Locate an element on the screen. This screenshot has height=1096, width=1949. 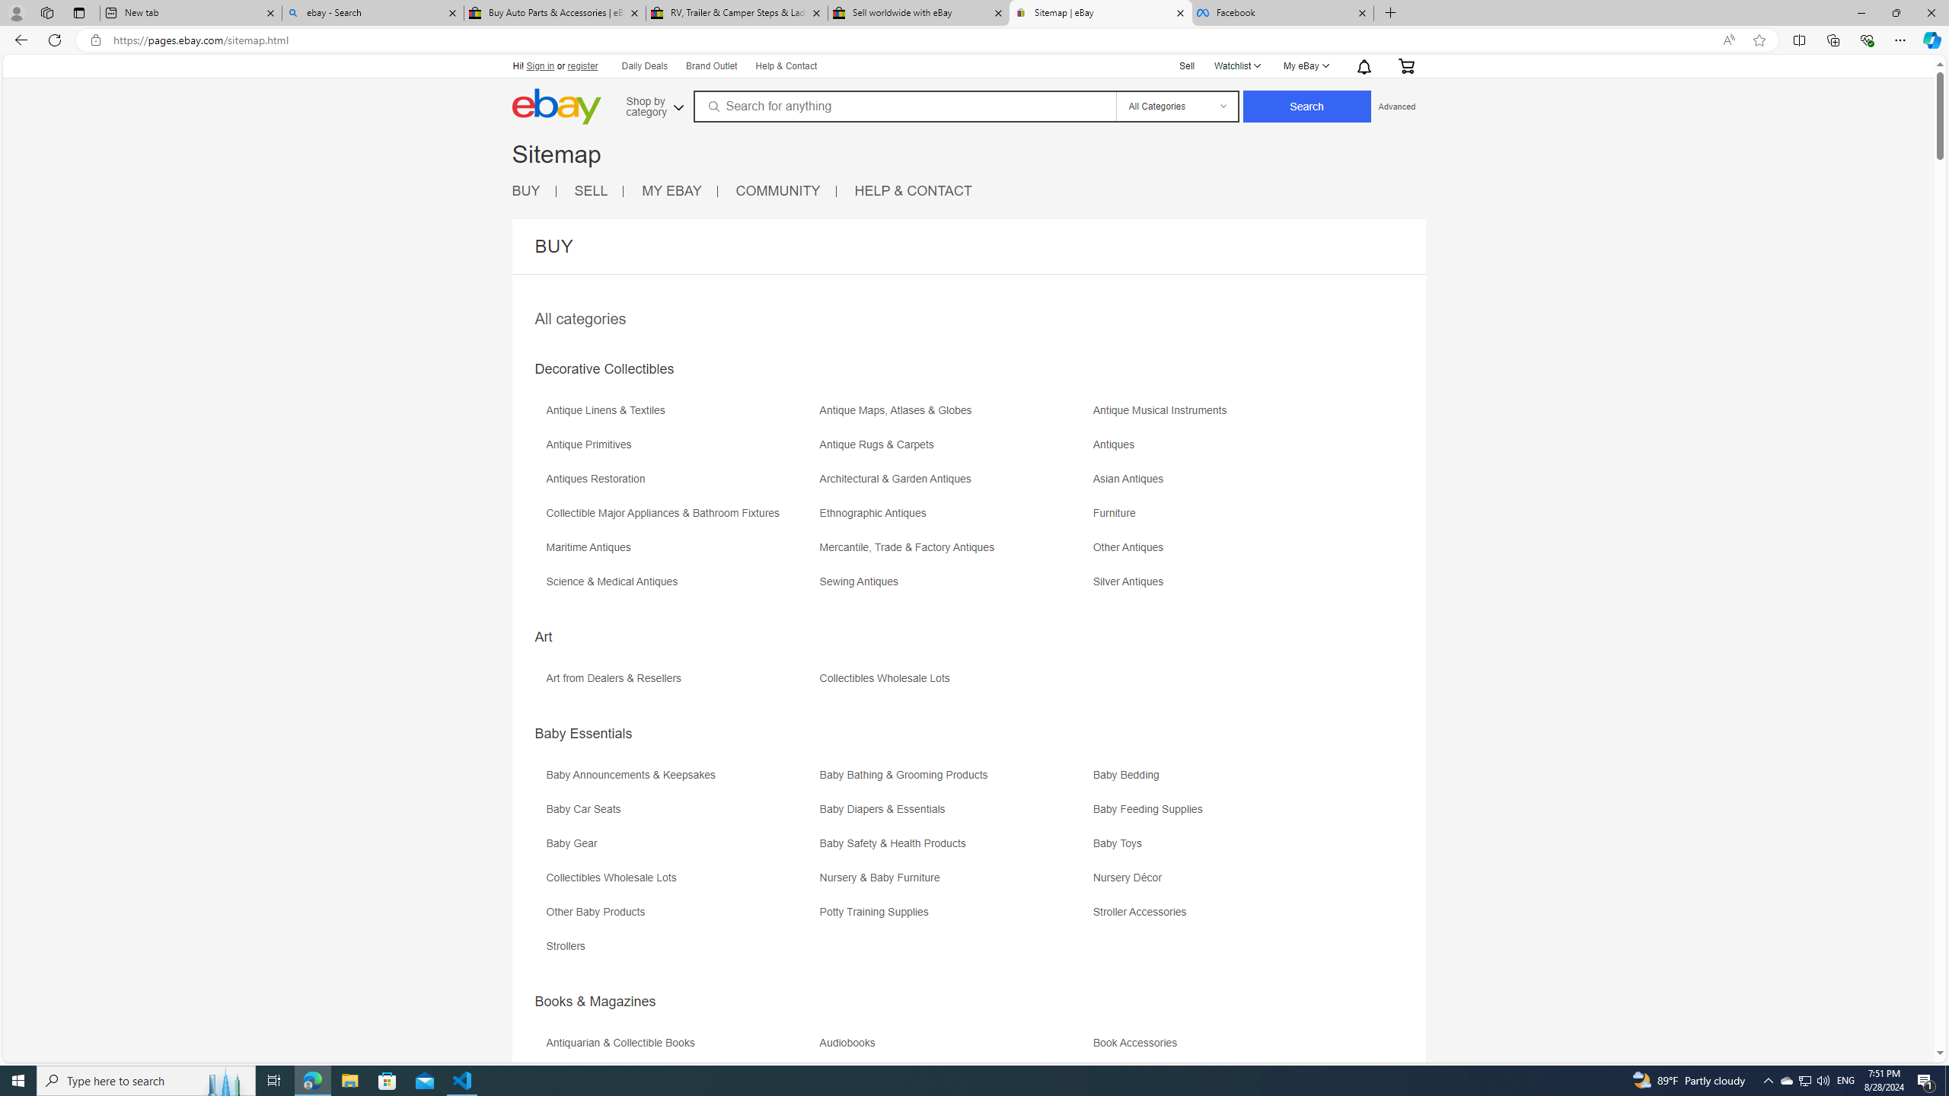
'Help & Contact' is located at coordinates (785, 66).